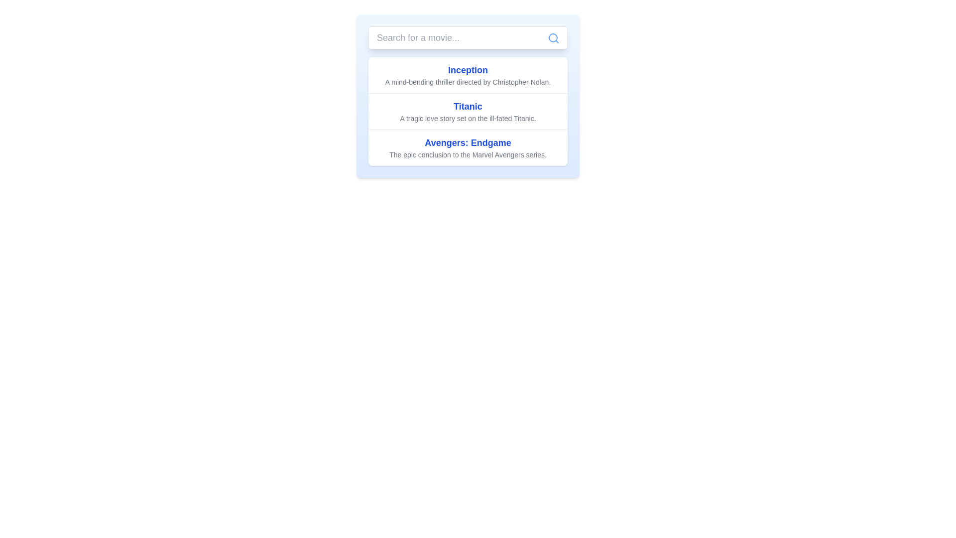 The image size is (956, 538). Describe the element at coordinates (468, 111) in the screenshot. I see `to select the information display item for the movie 'Titanic', which is the middle entry in the list of three movies` at that location.